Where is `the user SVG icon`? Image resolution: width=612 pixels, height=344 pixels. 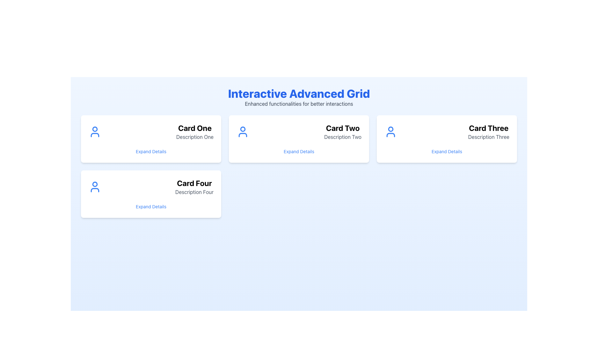
the user SVG icon is located at coordinates (94, 131).